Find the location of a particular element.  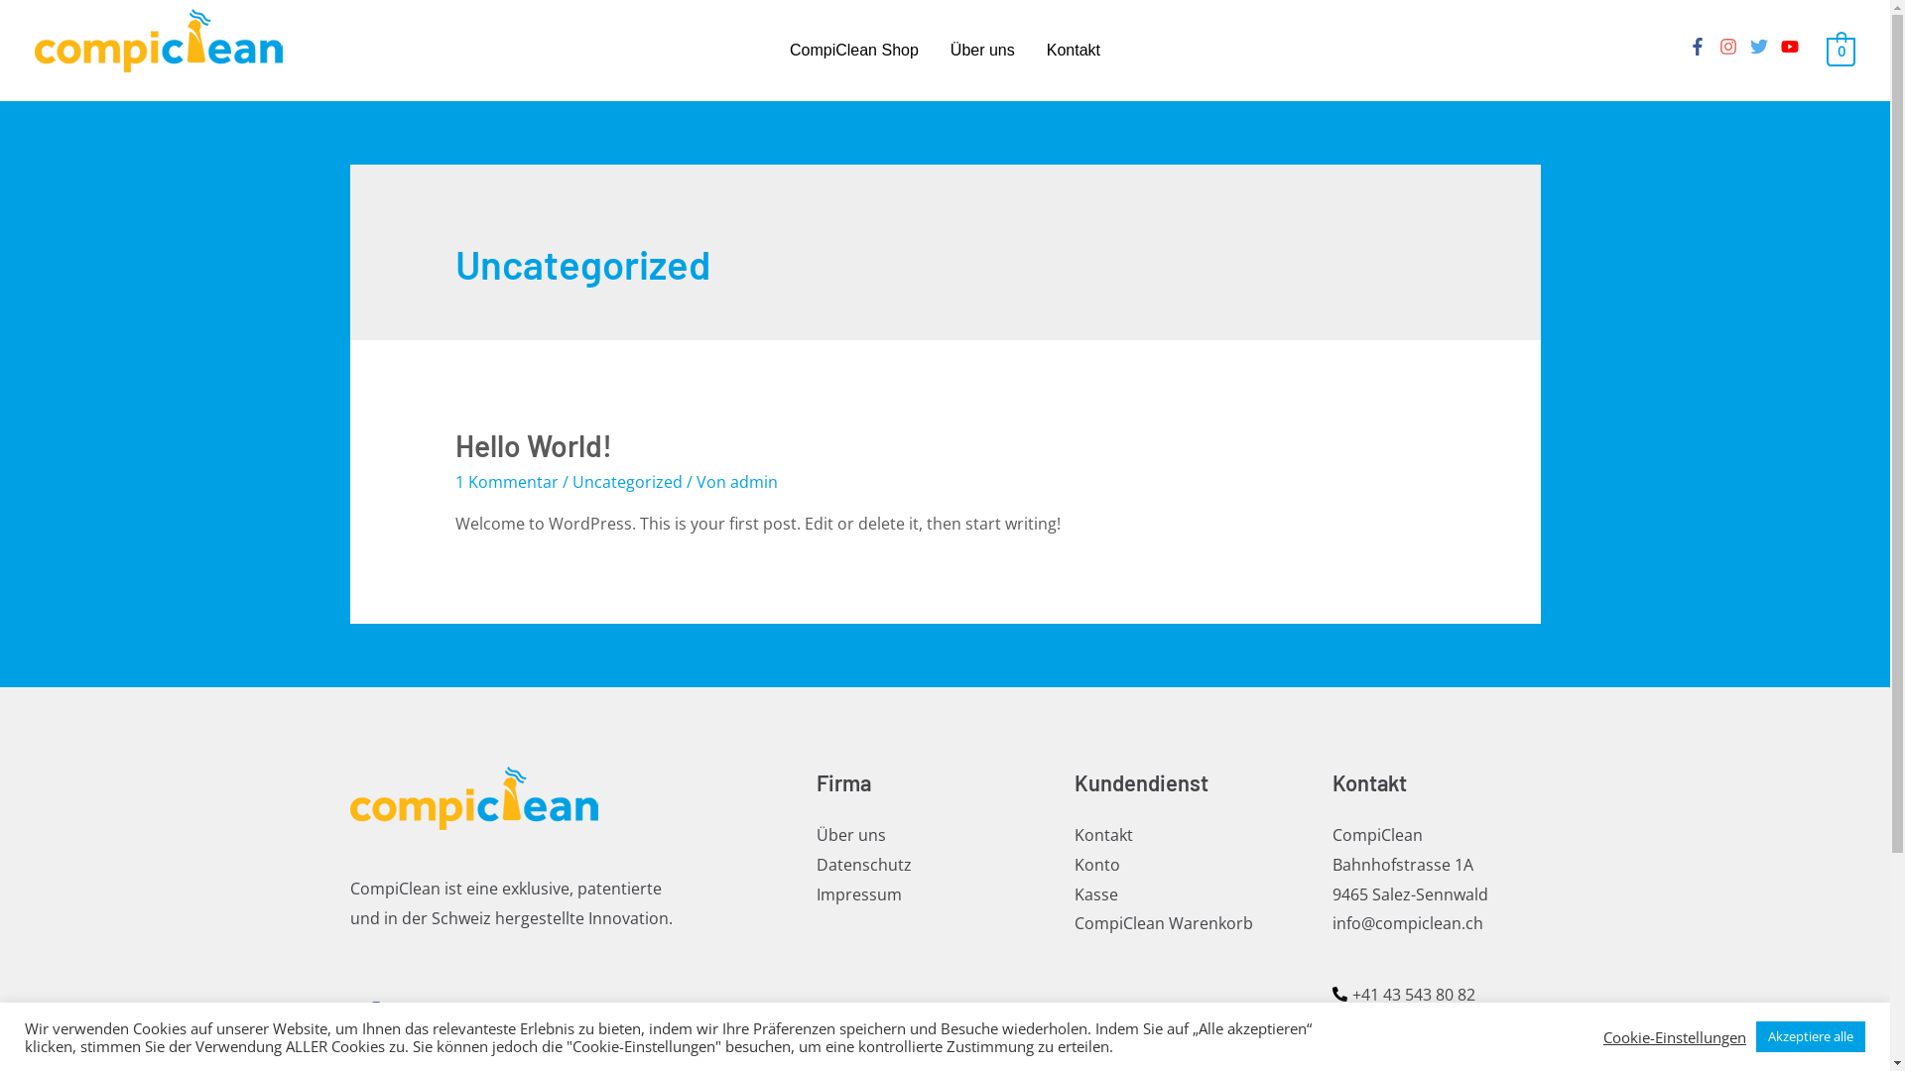

'1 Kommentar' is located at coordinates (506, 482).